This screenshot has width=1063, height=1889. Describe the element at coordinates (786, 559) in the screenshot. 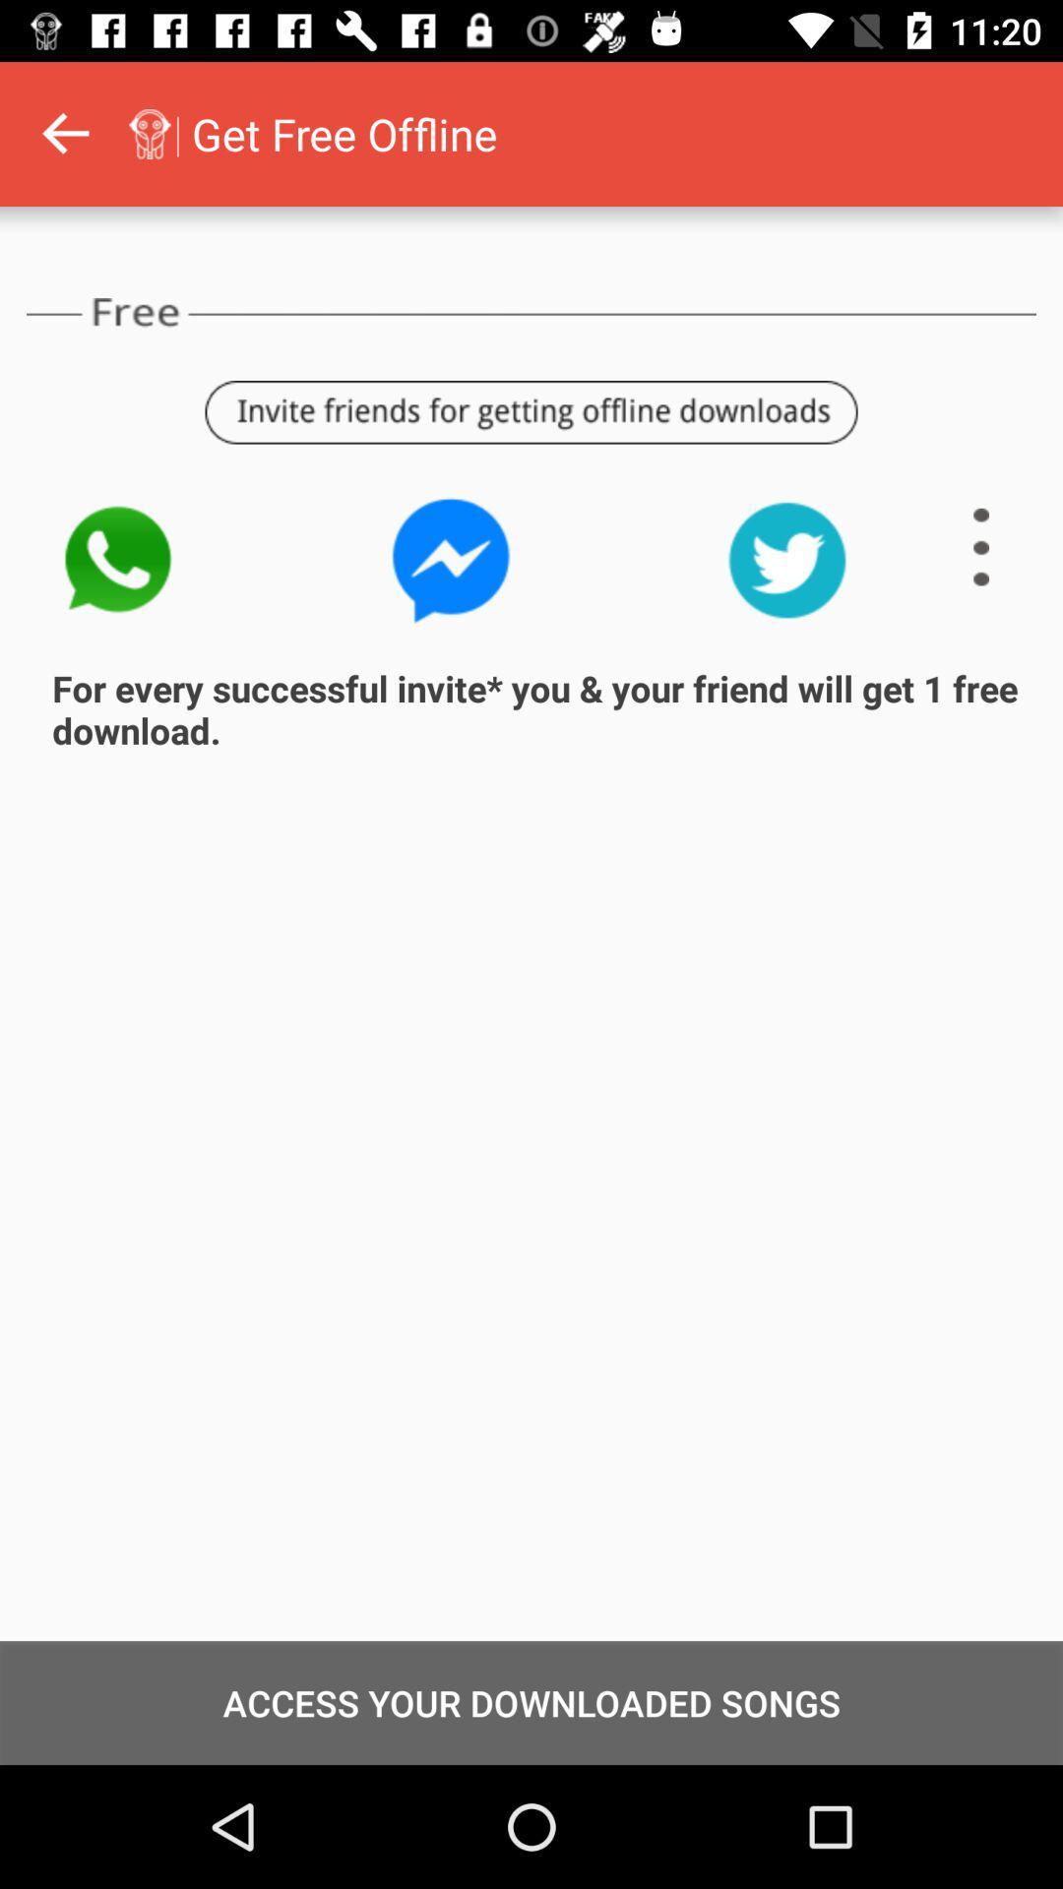

I see `the twitter icon` at that location.